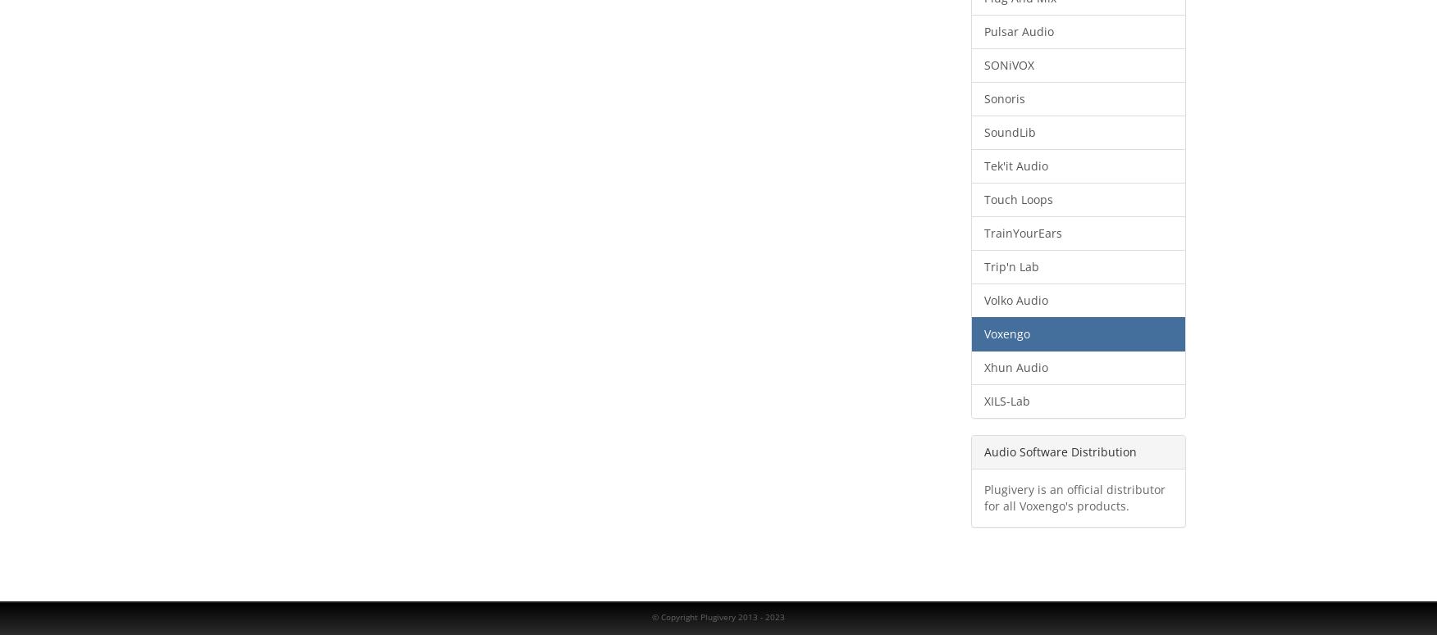  Describe the element at coordinates (1017, 198) in the screenshot. I see `'Touch Loops'` at that location.